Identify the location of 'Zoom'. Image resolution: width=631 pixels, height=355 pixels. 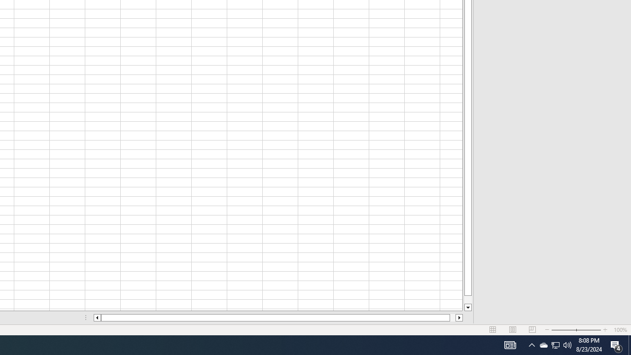
(576, 330).